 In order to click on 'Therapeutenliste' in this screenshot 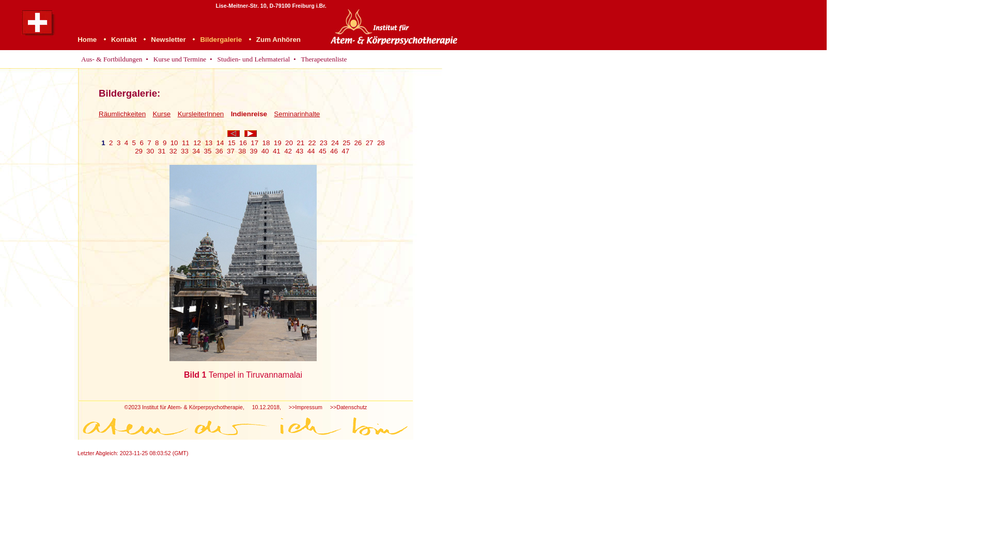, I will do `click(298, 59)`.